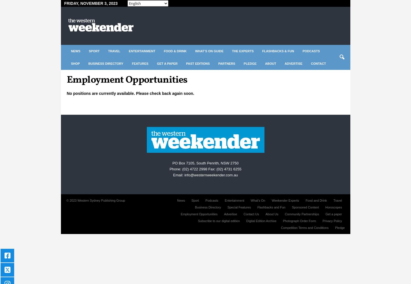  I want to click on 'Friday, November 3, 2023', so click(91, 3).